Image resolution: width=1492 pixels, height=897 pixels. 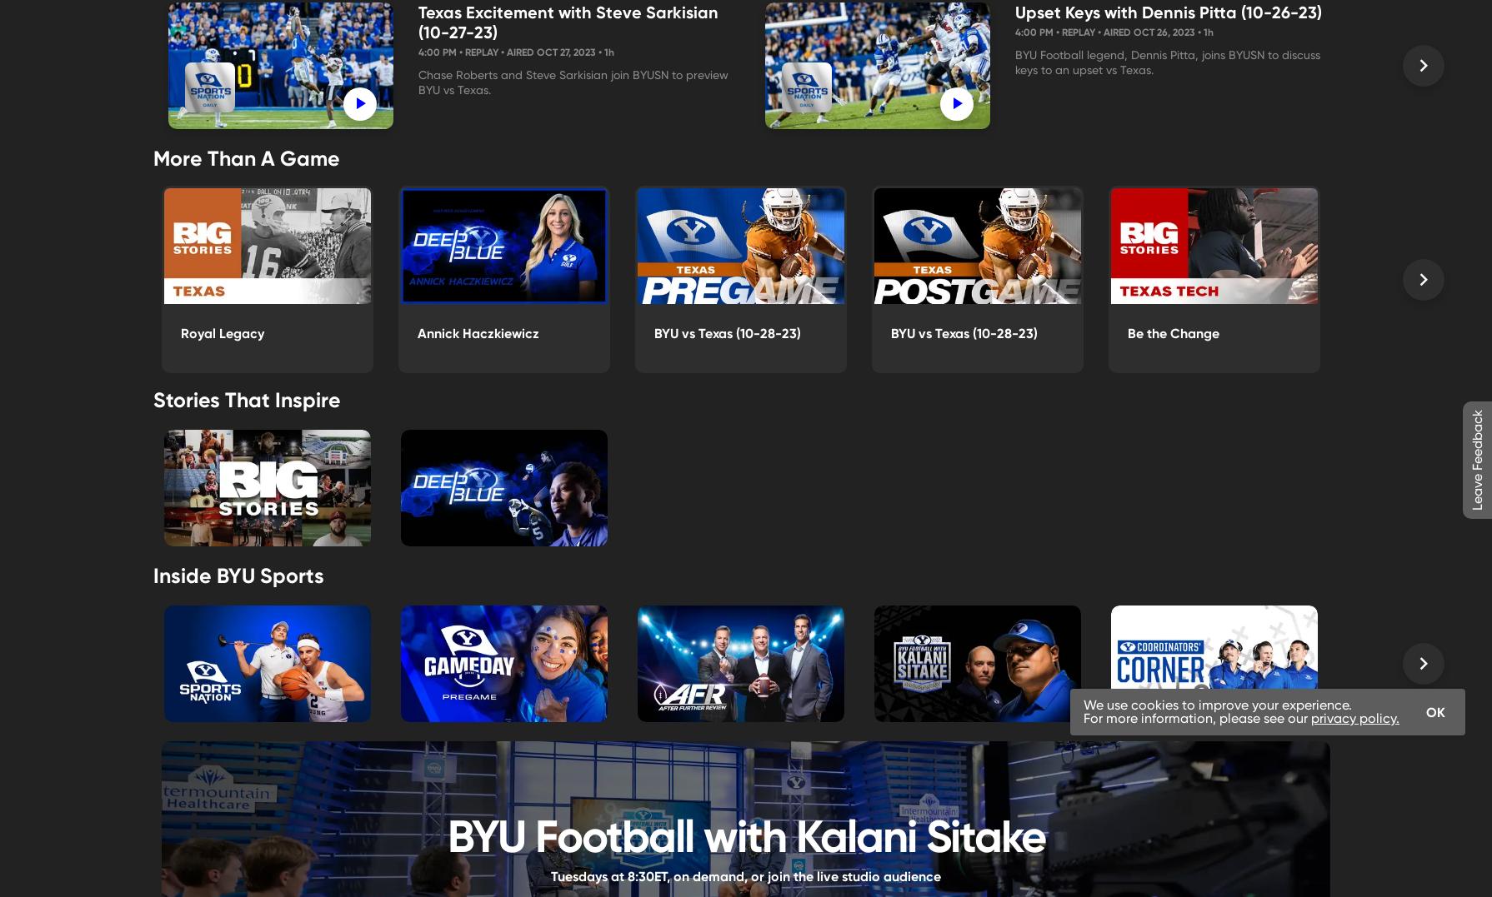 I want to click on 'Inside BYU Sports', so click(x=241, y=574).